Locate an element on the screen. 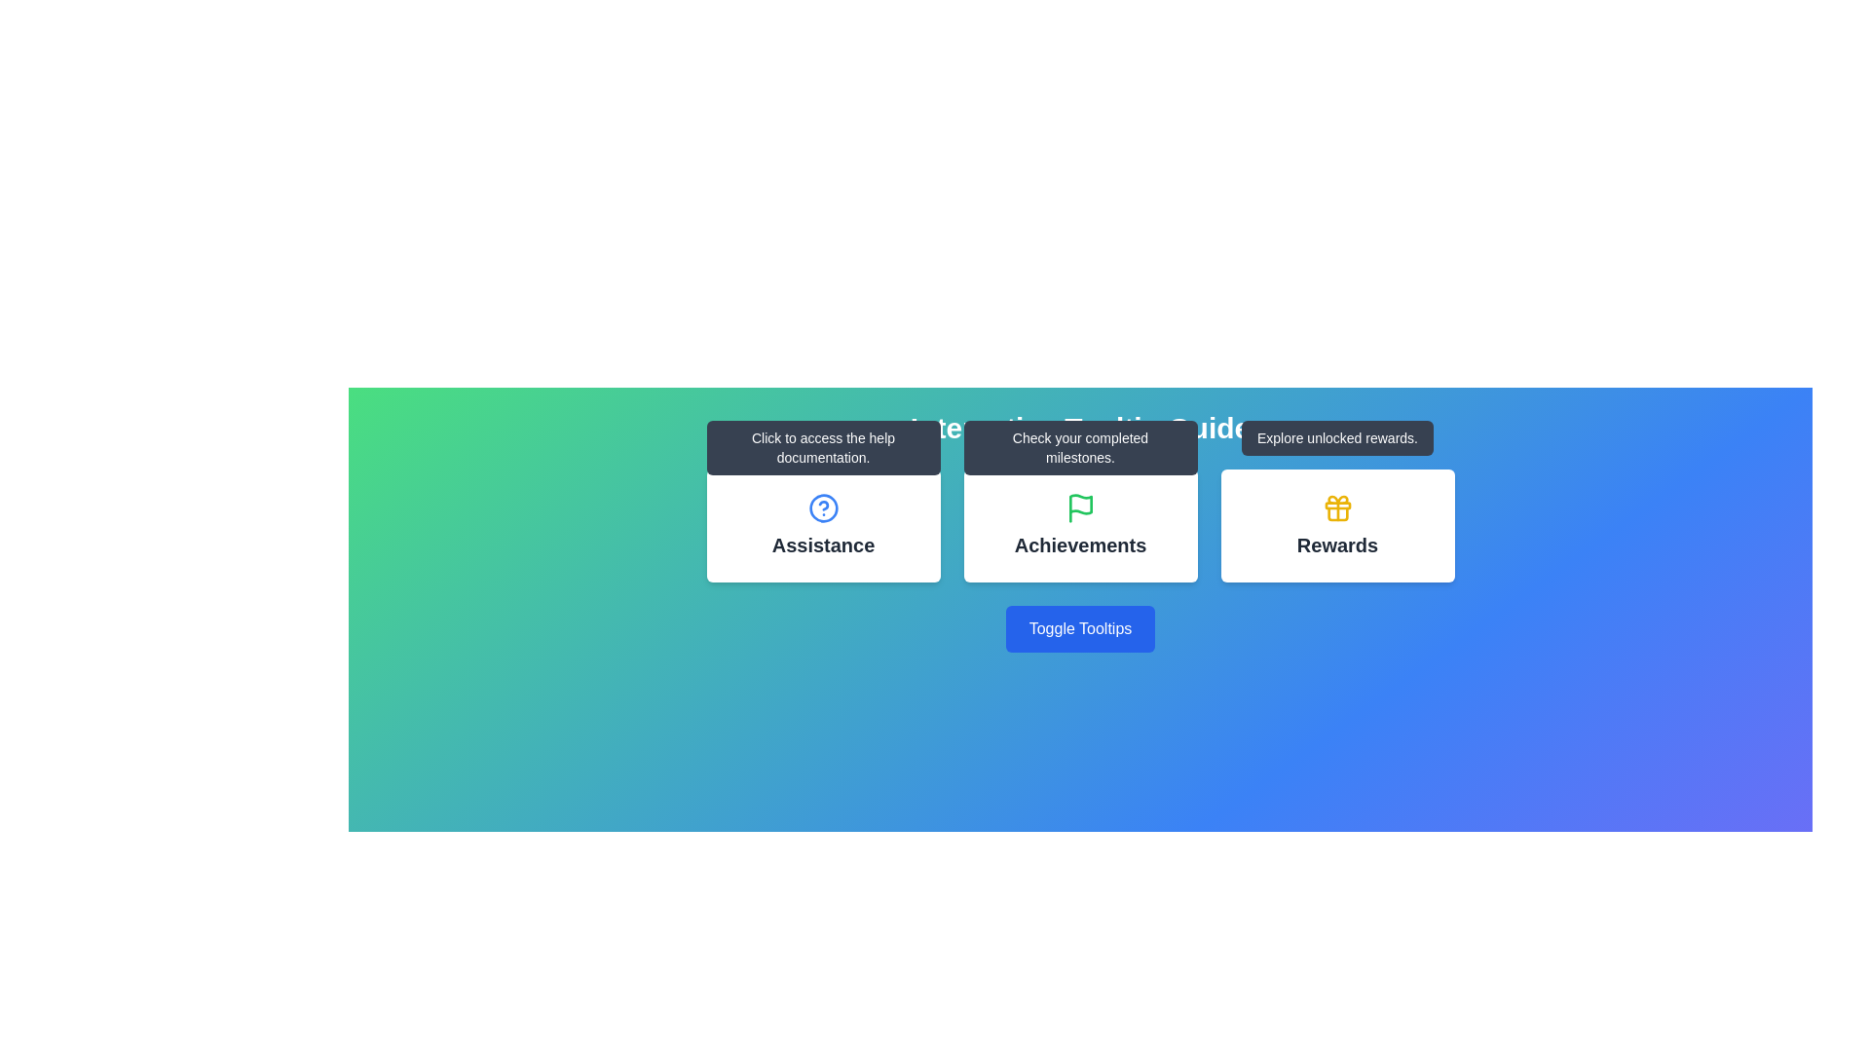  the 'Assistance' static text label located at the bottom of the leftmost card in a row of three, which provides a descriptor for the card's purpose is located at coordinates (823, 545).